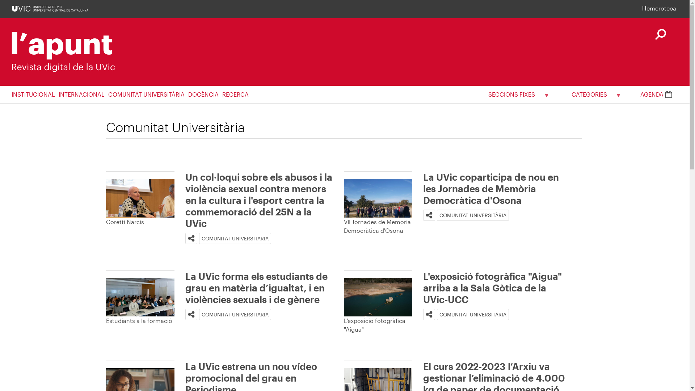 Image resolution: width=695 pixels, height=391 pixels. Describe the element at coordinates (659, 8) in the screenshot. I see `'Hemeroteca'` at that location.